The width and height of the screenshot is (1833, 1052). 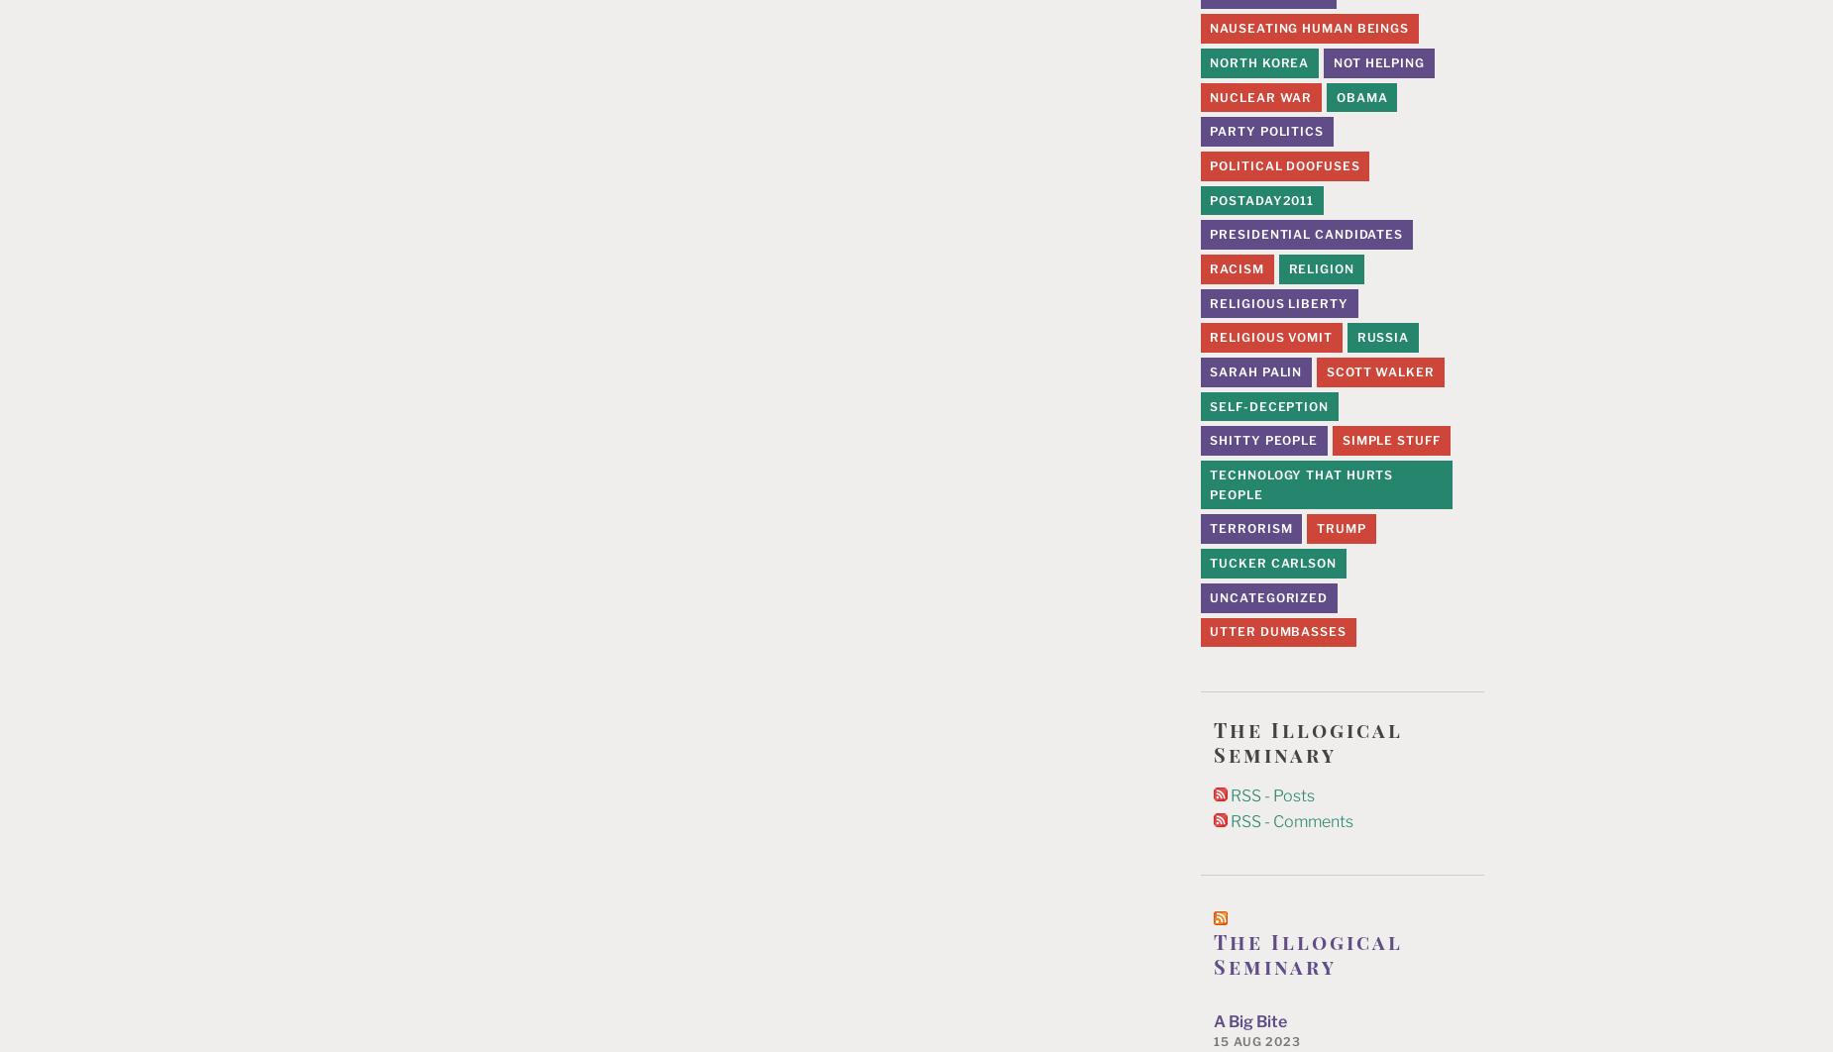 I want to click on 'Political Doofuses', so click(x=1283, y=164).